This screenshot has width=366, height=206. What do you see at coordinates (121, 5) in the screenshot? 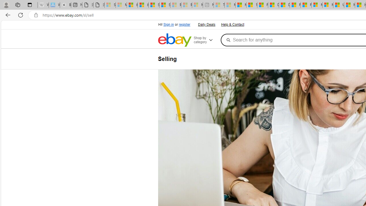
I see `'Microsoft Services Agreement - Sleeping'` at bounding box center [121, 5].